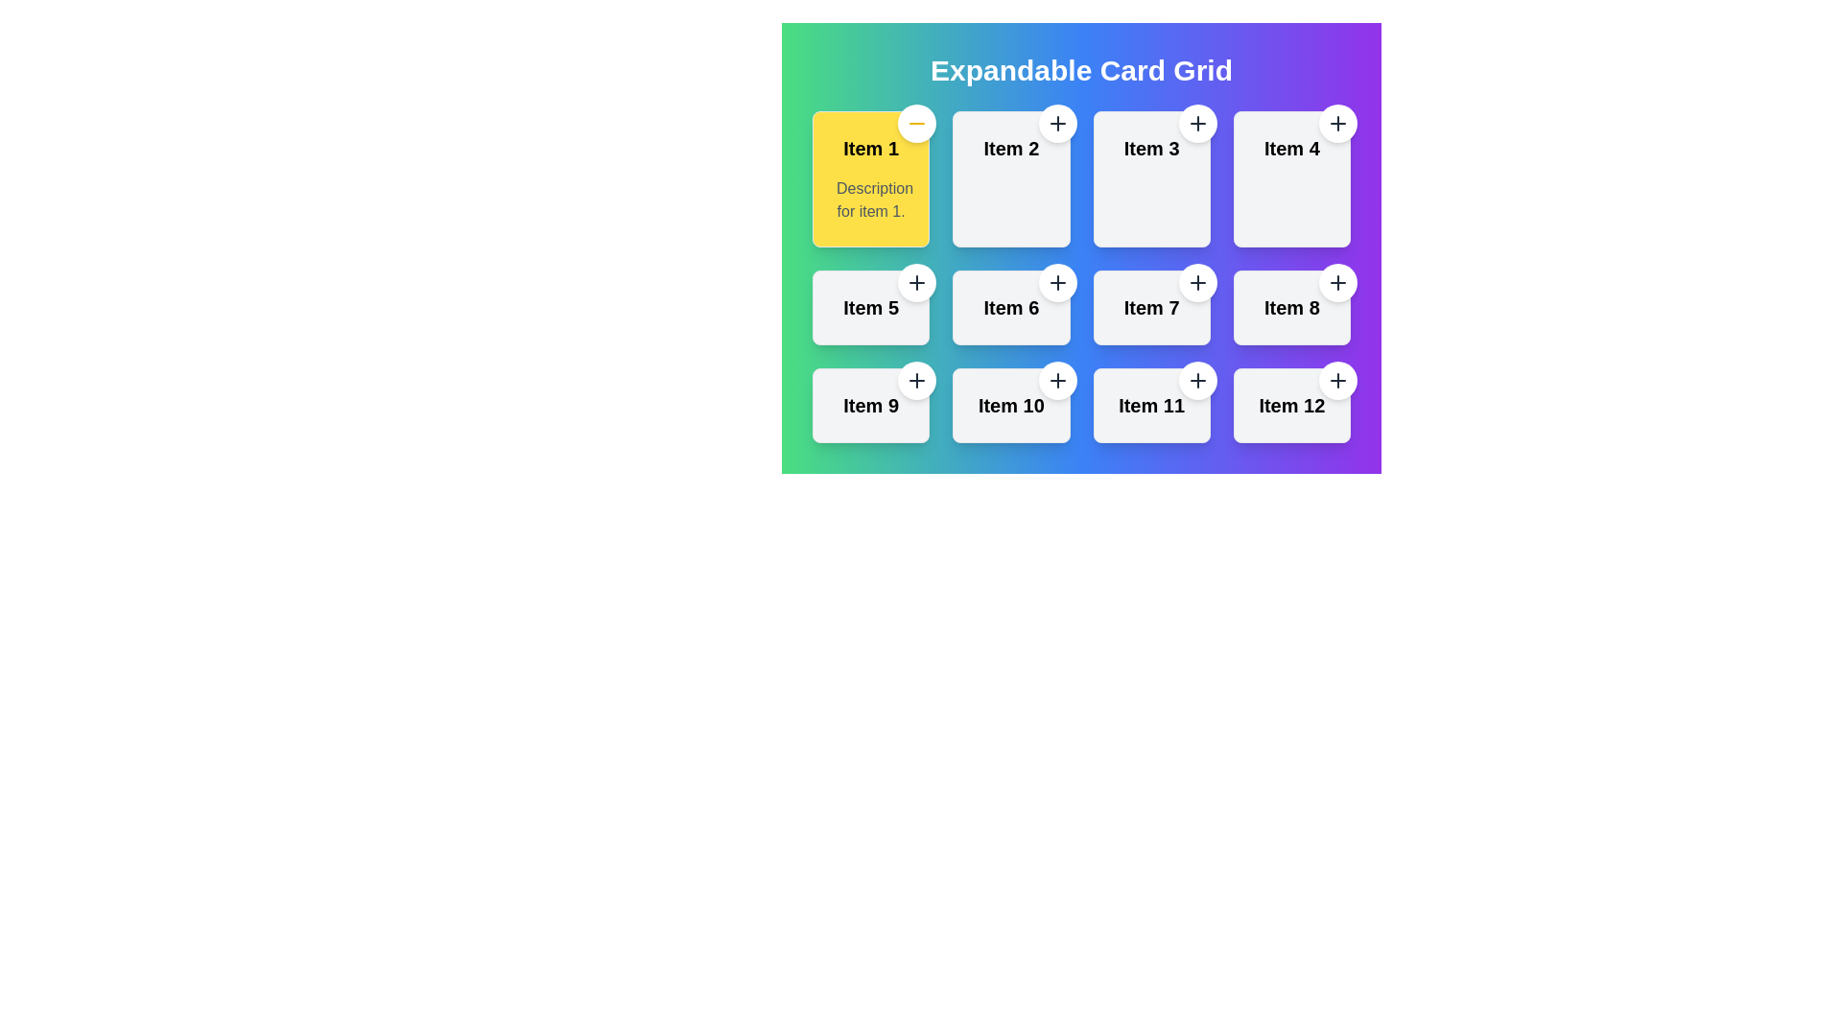 The height and width of the screenshot is (1036, 1842). Describe the element at coordinates (1196, 282) in the screenshot. I see `the small circular button with a white background and a '+' icon located at the top-right corner of the card labeled 'Item 7'` at that location.